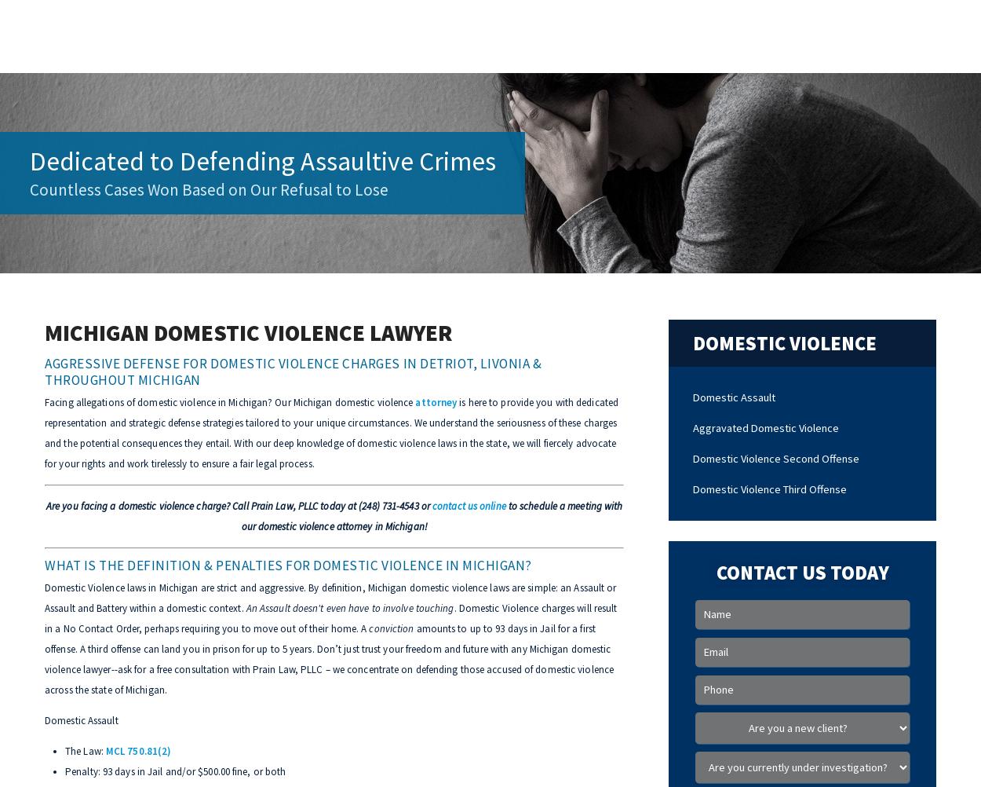  What do you see at coordinates (633, 35) in the screenshot?
I see `'Blog'` at bounding box center [633, 35].